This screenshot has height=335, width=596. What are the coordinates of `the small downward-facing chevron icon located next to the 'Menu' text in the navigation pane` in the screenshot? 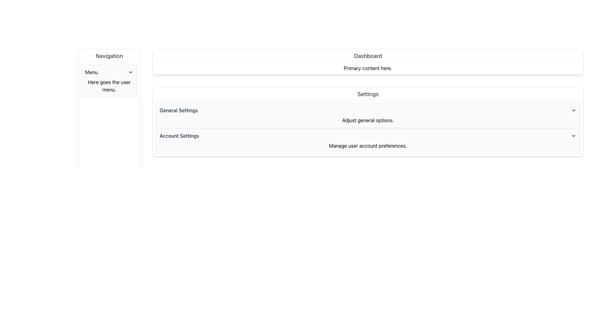 It's located at (130, 72).